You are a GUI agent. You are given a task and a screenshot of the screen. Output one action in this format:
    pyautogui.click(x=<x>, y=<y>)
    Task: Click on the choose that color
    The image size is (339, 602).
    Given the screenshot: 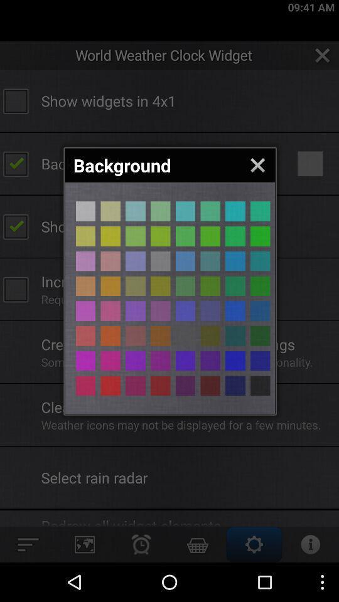 What is the action you would take?
    pyautogui.click(x=185, y=211)
    